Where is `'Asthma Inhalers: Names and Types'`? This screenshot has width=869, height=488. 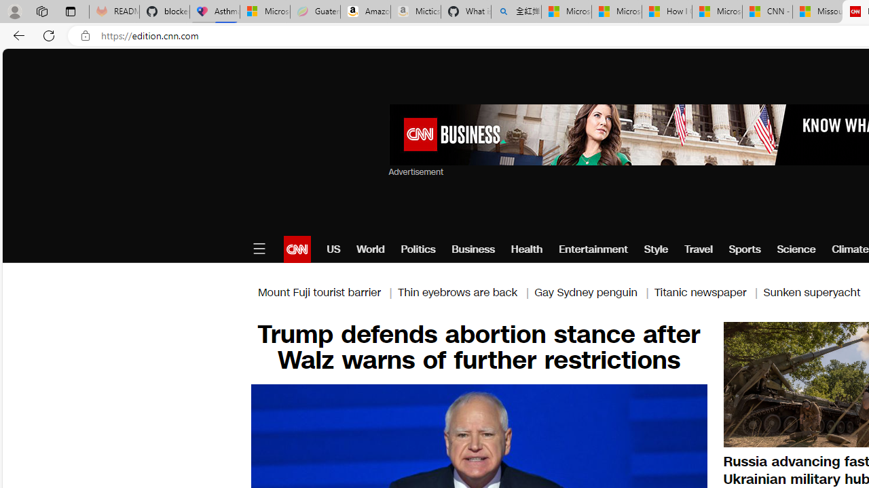
'Asthma Inhalers: Names and Types' is located at coordinates (214, 12).